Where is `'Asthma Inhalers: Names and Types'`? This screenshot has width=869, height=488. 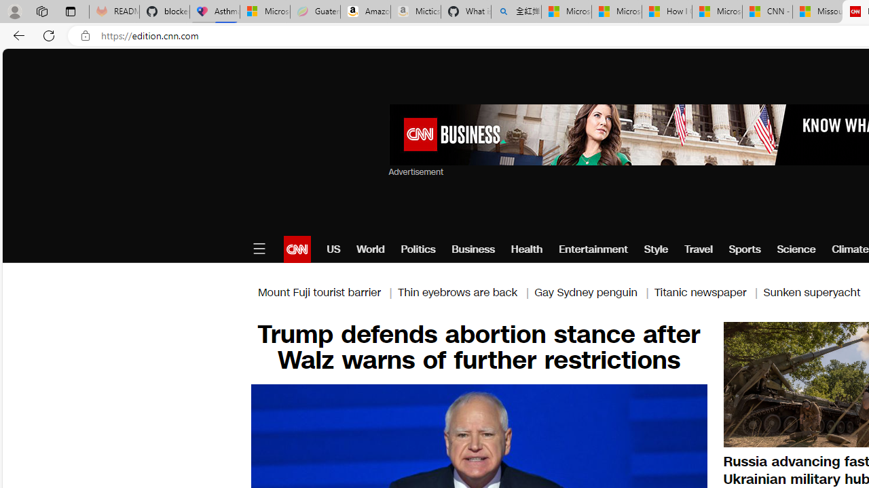
'Asthma Inhalers: Names and Types' is located at coordinates (214, 12).